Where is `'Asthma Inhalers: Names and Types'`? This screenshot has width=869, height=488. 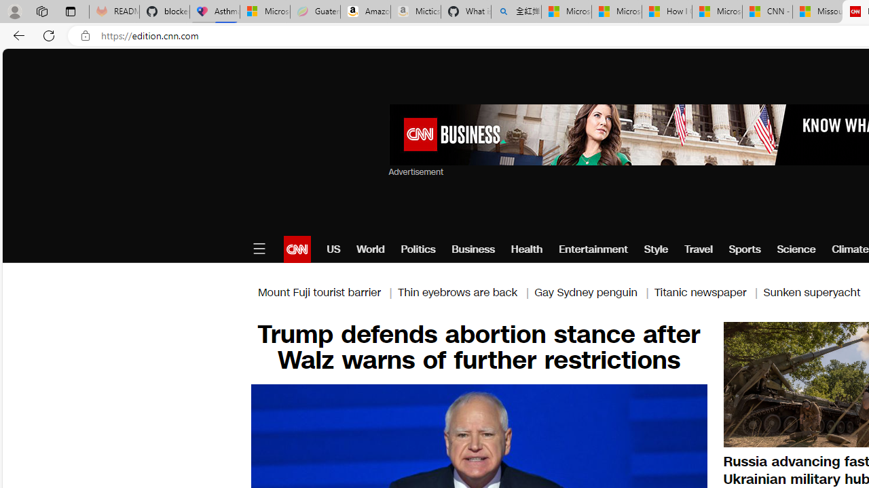
'Asthma Inhalers: Names and Types' is located at coordinates (214, 12).